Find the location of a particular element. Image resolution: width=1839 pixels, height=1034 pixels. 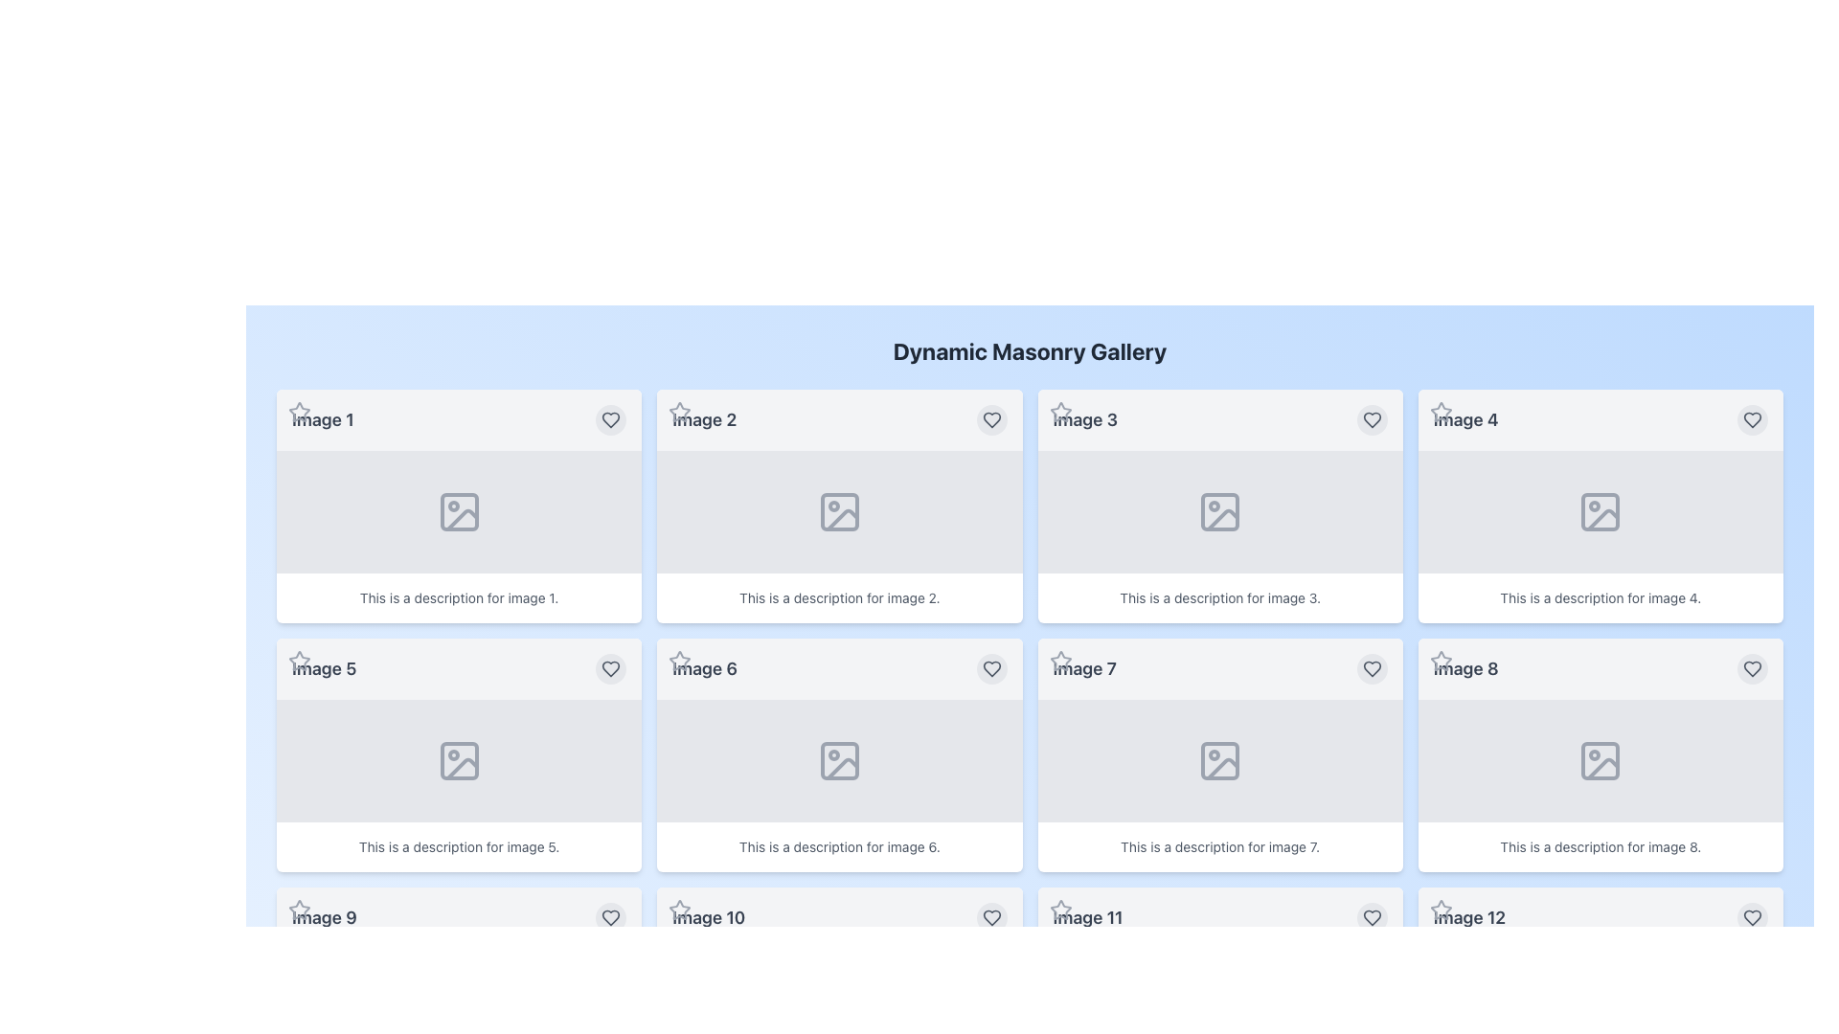

the image card displaying the title 'Image 8' and description 'This is a description for image 8.' in the gallery grid is located at coordinates (1601, 754).